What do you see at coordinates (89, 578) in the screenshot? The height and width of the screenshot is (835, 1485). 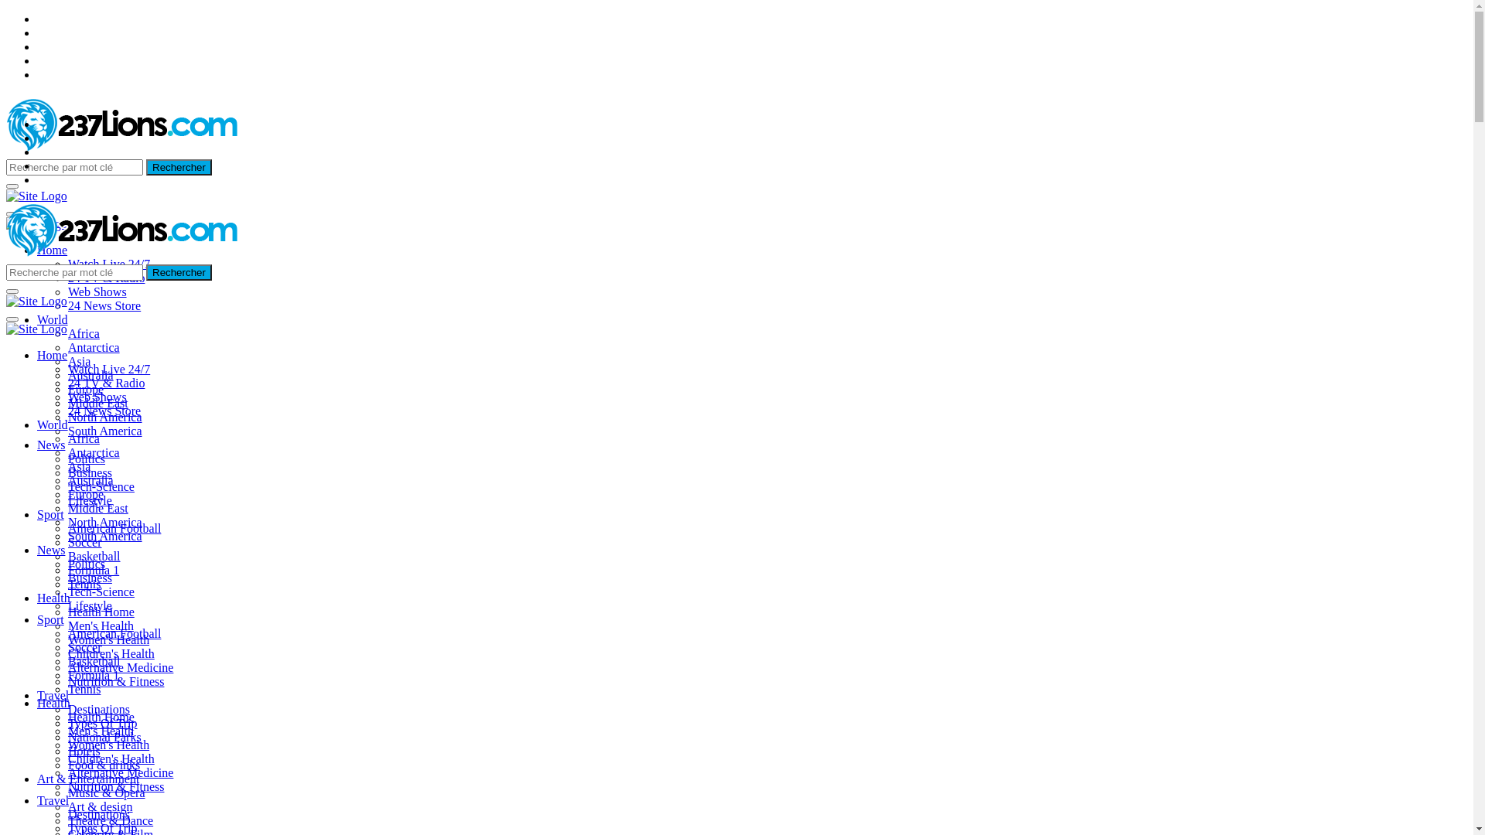 I see `'Business'` at bounding box center [89, 578].